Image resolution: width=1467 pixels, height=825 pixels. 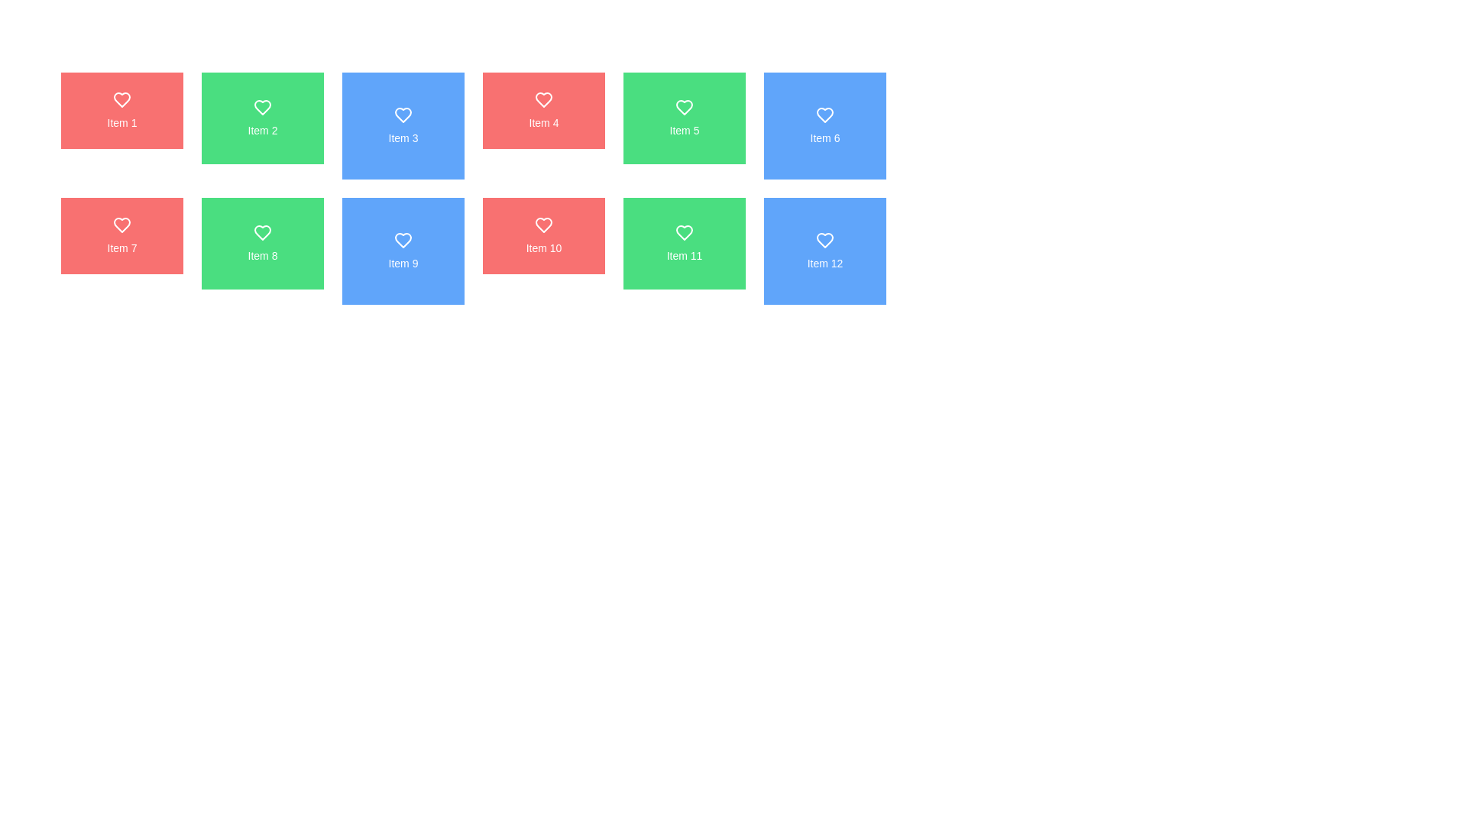 What do you see at coordinates (121, 100) in the screenshot?
I see `the heart icon located in the top-left tile labeled 'Item 1'` at bounding box center [121, 100].